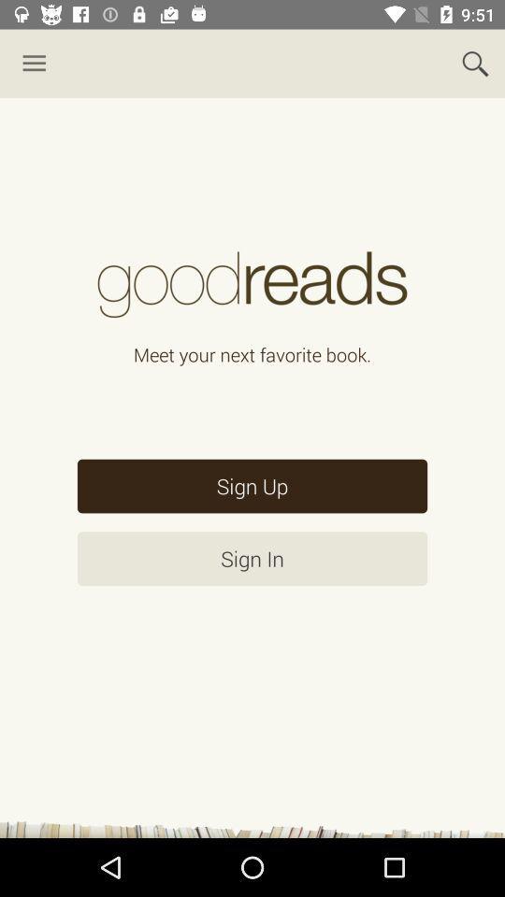 This screenshot has height=897, width=505. I want to click on sign up, so click(252, 485).